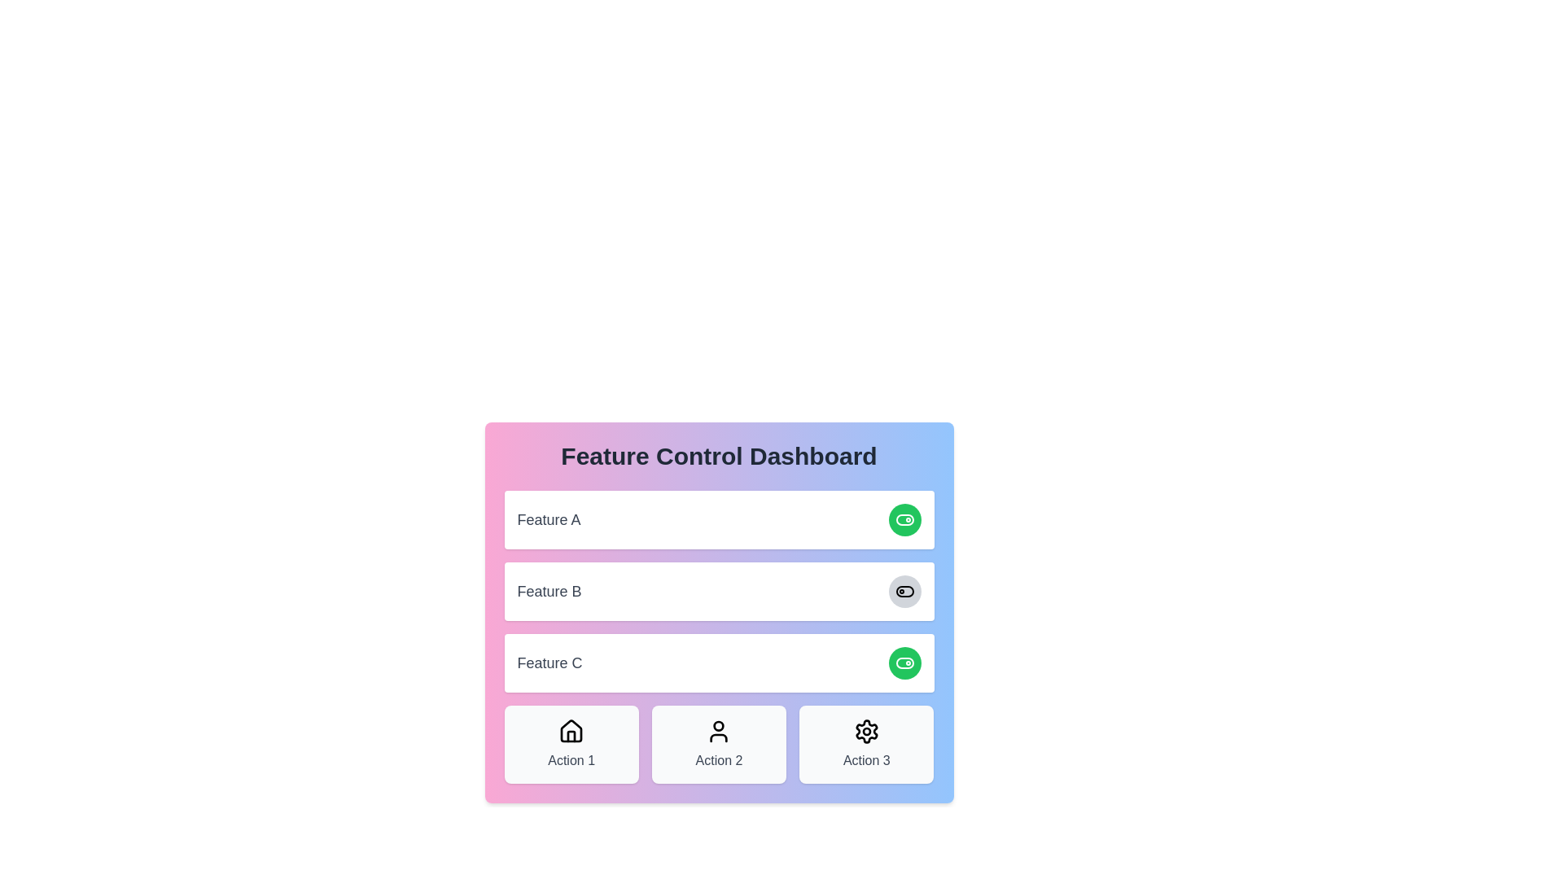 Image resolution: width=1563 pixels, height=879 pixels. What do you see at coordinates (865, 744) in the screenshot?
I see `the third action button labeled 'Action 3' located at the bottom-right corner of the interface` at bounding box center [865, 744].